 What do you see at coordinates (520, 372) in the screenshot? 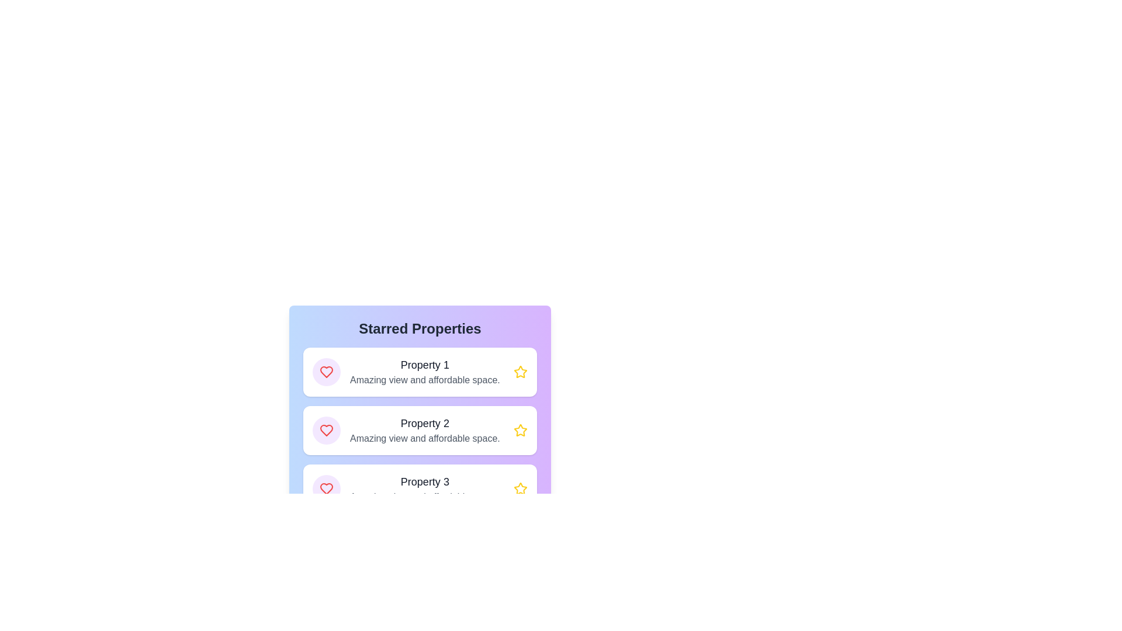
I see `the star icon in the top-right corner of the 'Property 1' card` at bounding box center [520, 372].